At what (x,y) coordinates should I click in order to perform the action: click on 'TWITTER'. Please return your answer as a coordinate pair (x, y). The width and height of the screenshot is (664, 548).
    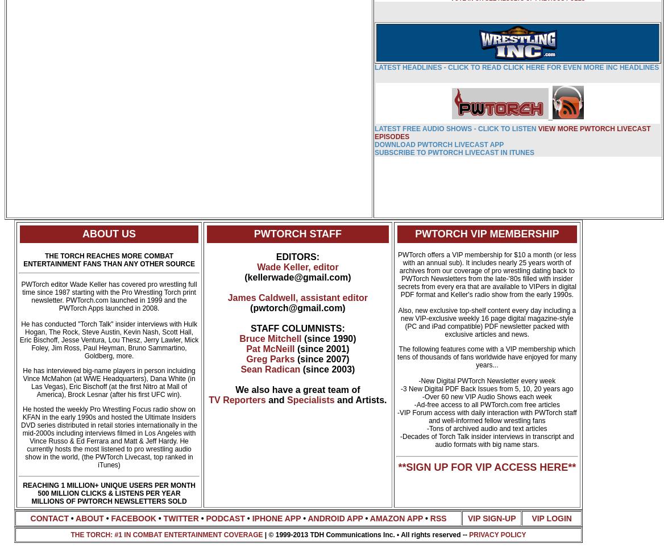
    Looking at the image, I should click on (181, 517).